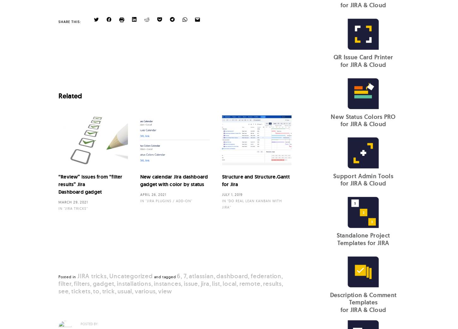 This screenshot has width=458, height=329. What do you see at coordinates (272, 283) in the screenshot?
I see `'results'` at bounding box center [272, 283].